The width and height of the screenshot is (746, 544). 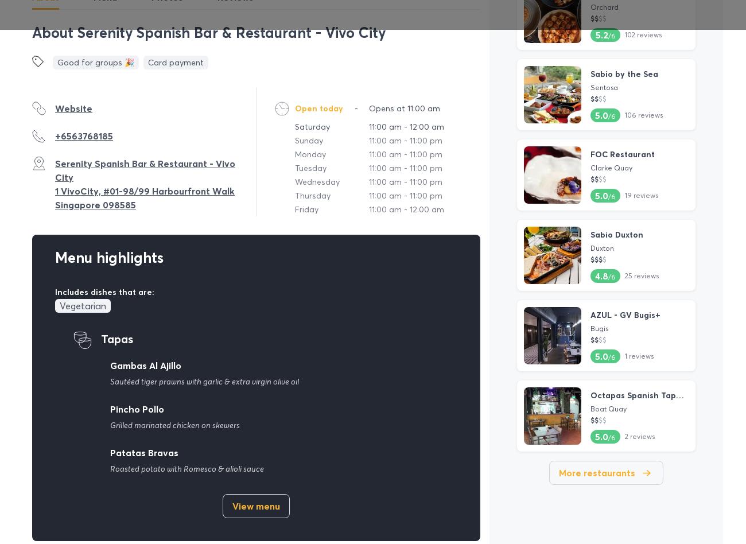 I want to click on 'Serenity Spanish Bar & Restaurant - Vivo City', so click(x=144, y=170).